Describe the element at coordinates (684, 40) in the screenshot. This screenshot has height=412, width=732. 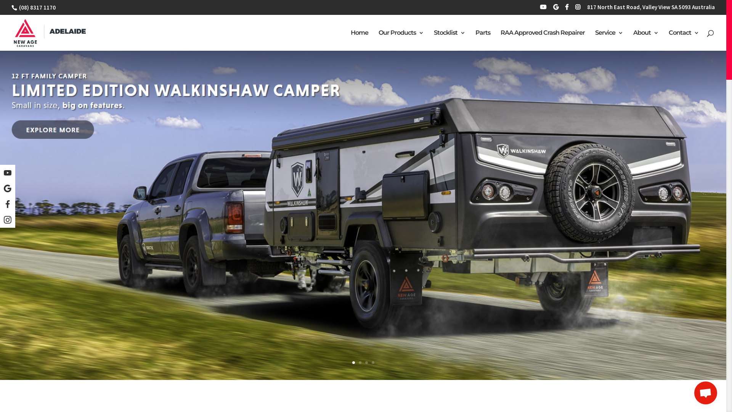
I see `'Contact'` at that location.